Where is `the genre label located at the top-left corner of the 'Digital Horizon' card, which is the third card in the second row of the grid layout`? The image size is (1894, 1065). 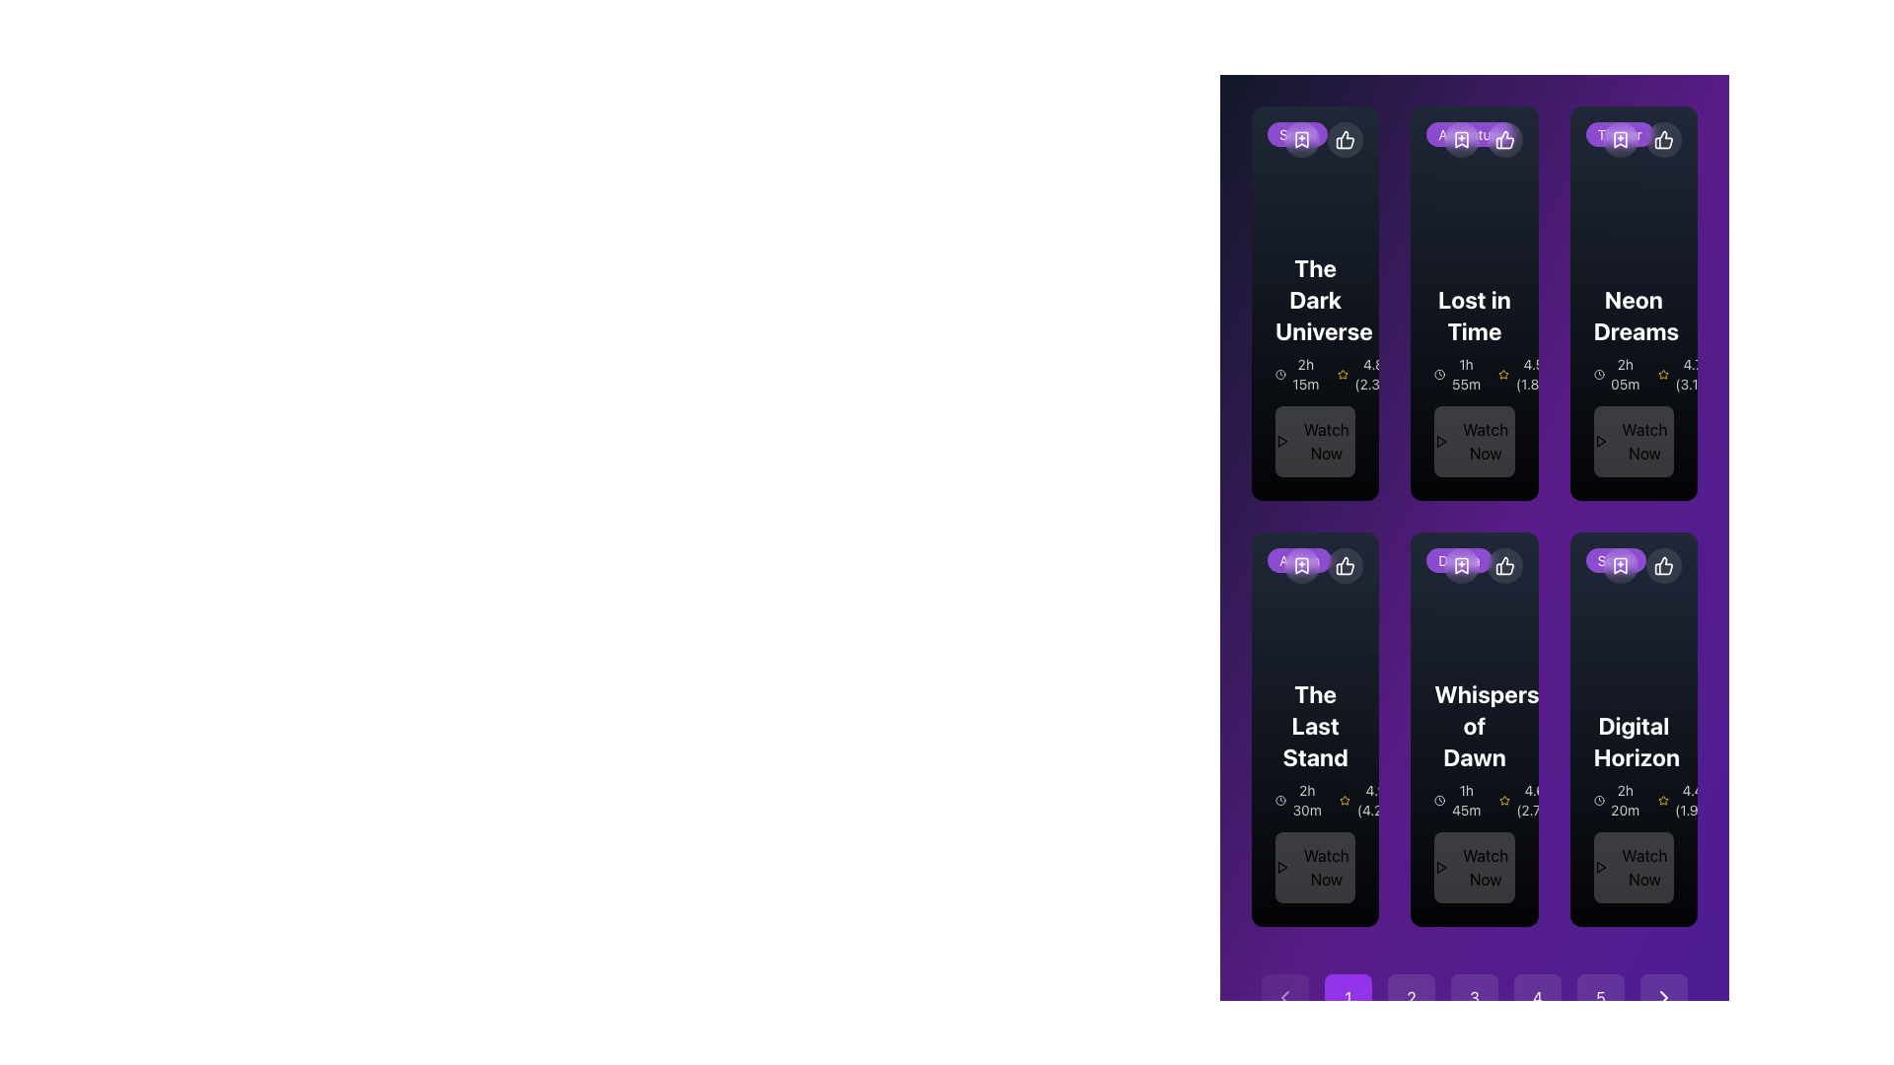
the genre label located at the top-left corner of the 'Digital Horizon' card, which is the third card in the second row of the grid layout is located at coordinates (1616, 559).